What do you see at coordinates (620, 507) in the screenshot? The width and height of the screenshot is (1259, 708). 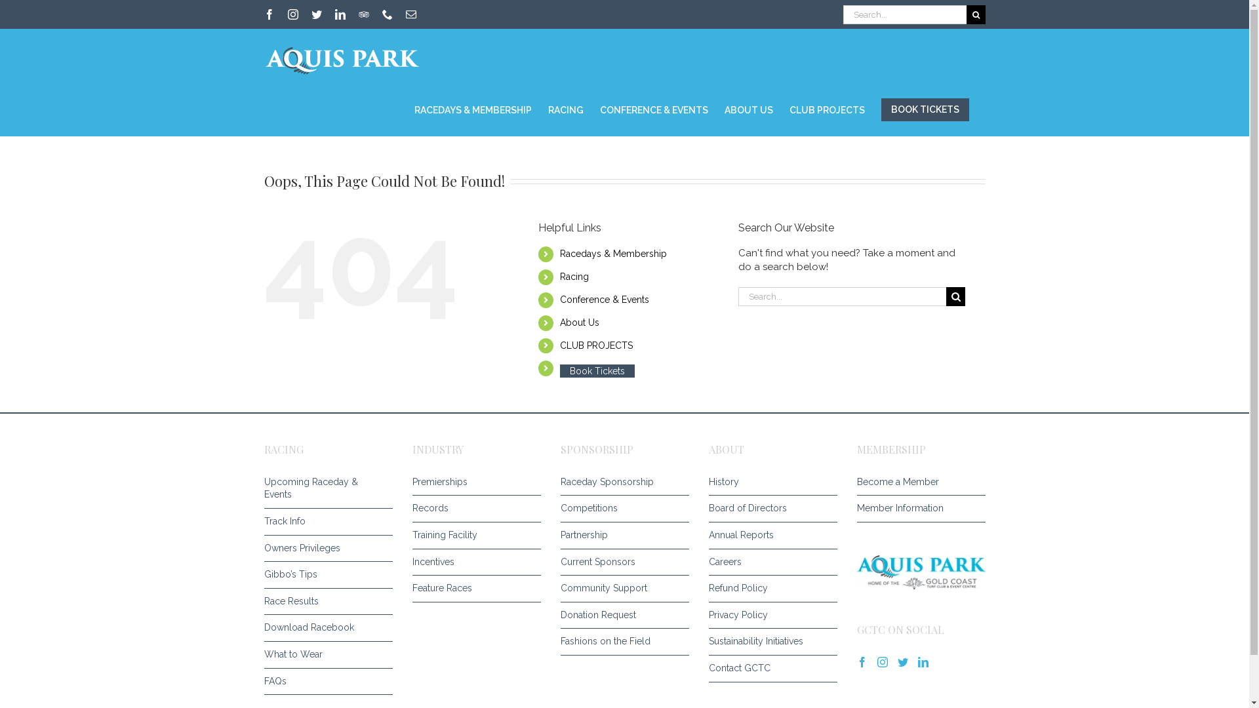 I see `'Competitions'` at bounding box center [620, 507].